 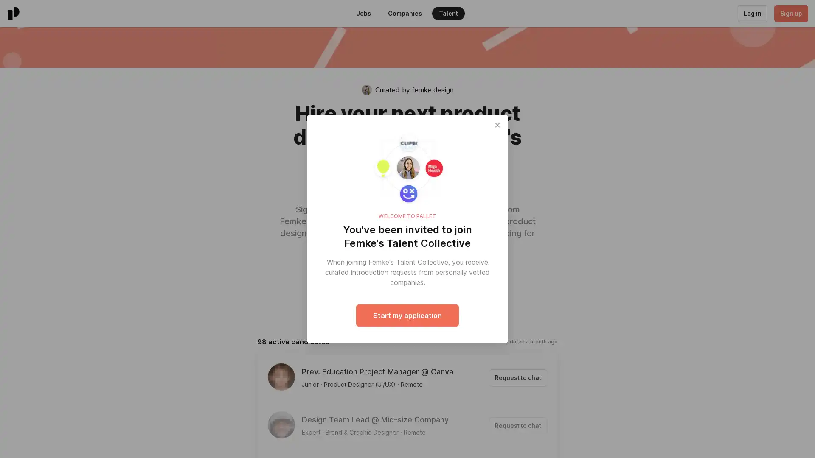 I want to click on Request to chat, so click(x=517, y=377).